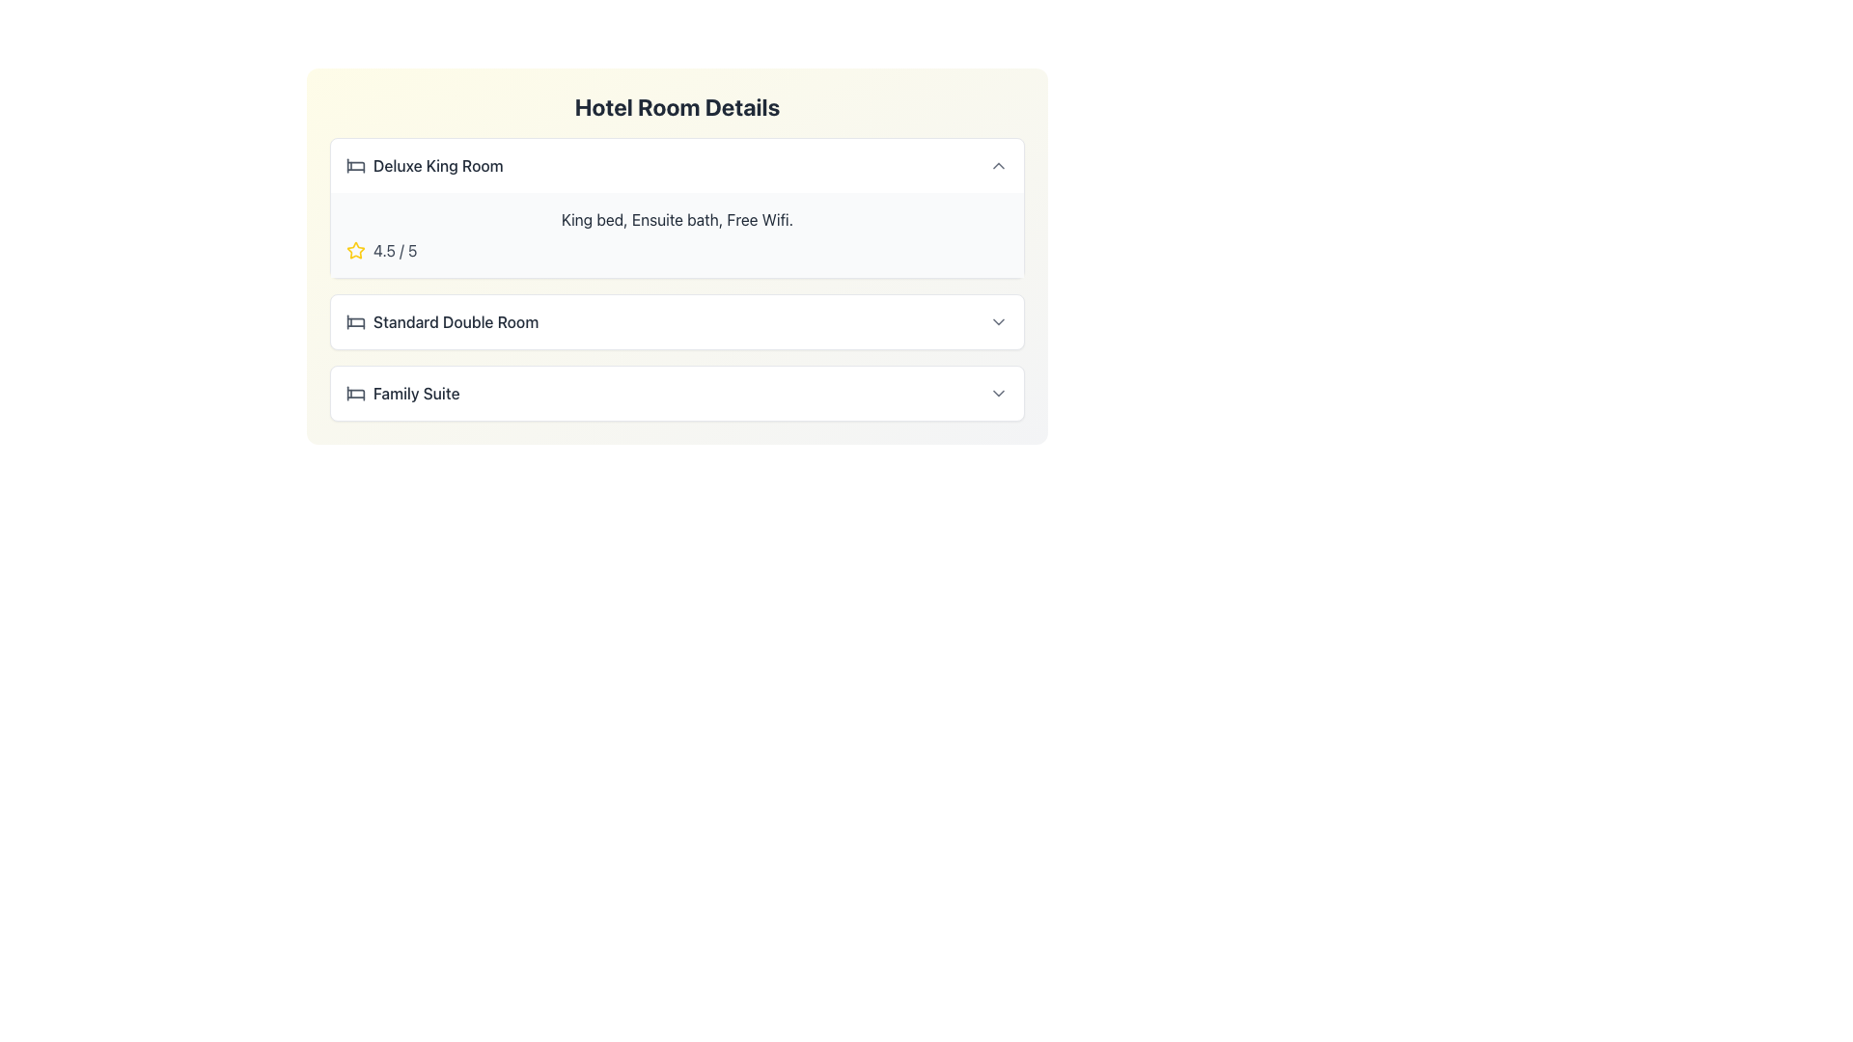  I want to click on the downward-pointing chevron icon styled in gray, located to the right of the 'Family Suite' text in the hotel room types list, so click(999, 393).